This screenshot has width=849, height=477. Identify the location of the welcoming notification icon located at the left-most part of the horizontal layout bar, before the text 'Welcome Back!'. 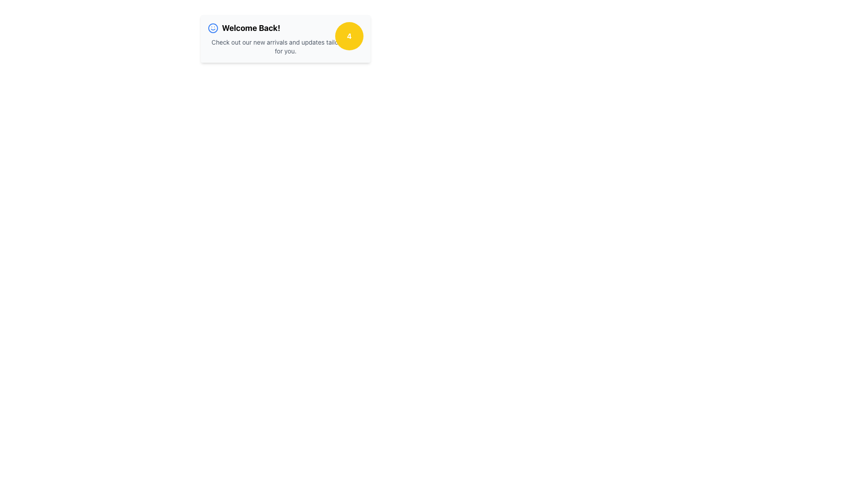
(213, 28).